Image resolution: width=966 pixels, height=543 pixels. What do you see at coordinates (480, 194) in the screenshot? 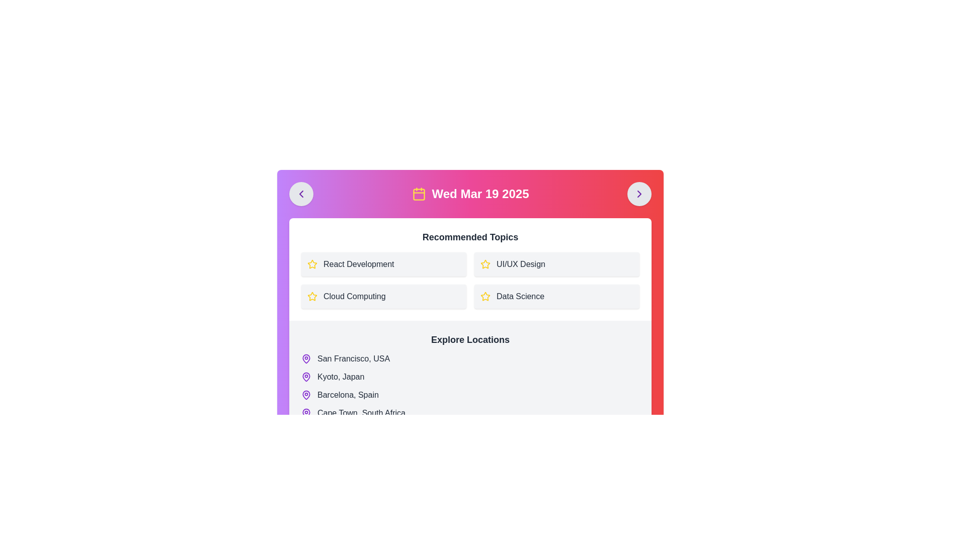
I see `the Text Display element that shows the date 'Wed Mar 19 2025', which is prominently displayed in a large, bold font style within the header section of the interface` at bounding box center [480, 194].